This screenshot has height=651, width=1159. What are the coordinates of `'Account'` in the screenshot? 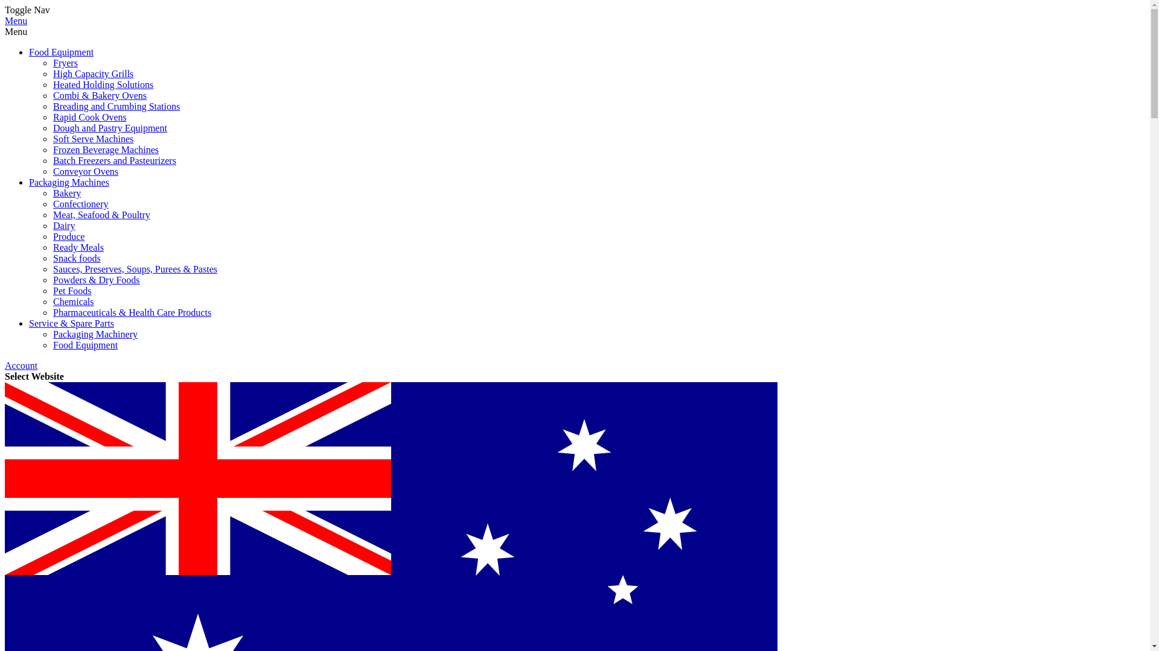 It's located at (21, 365).